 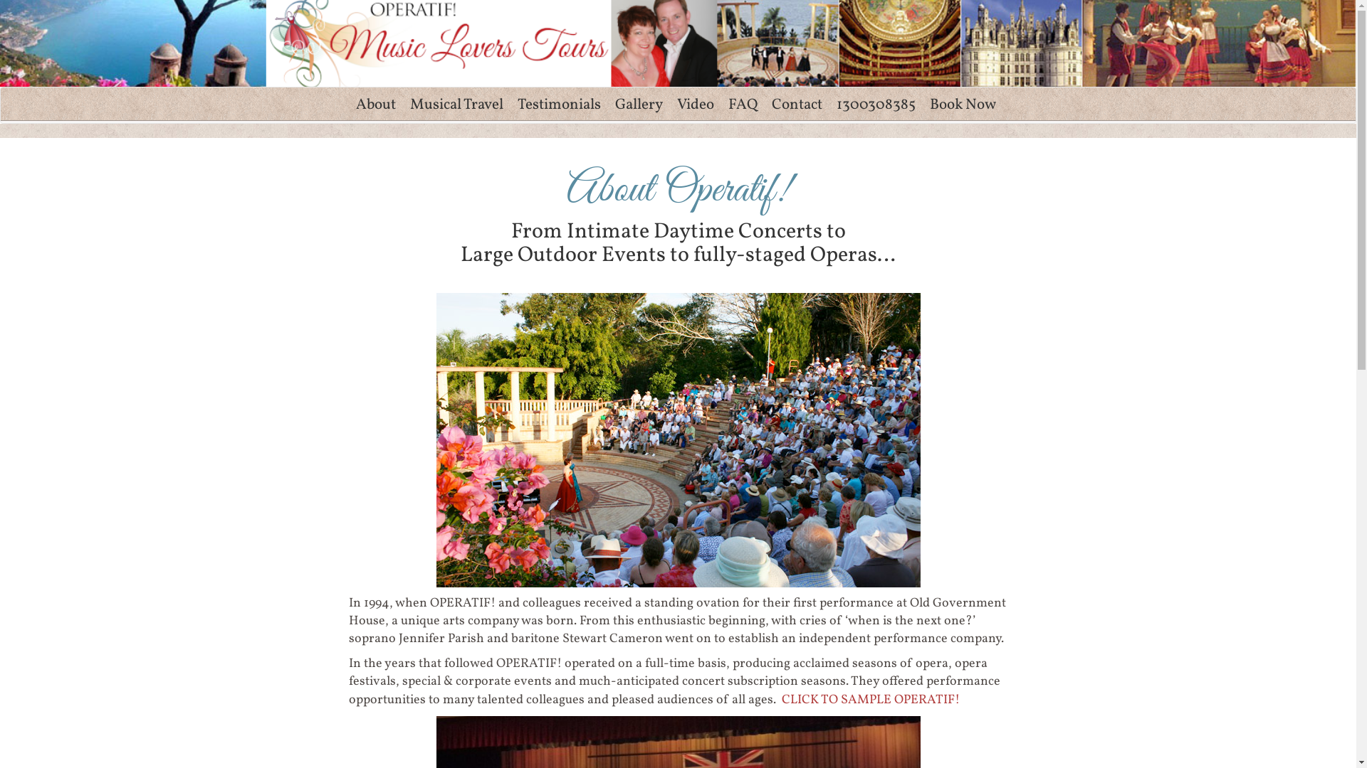 What do you see at coordinates (376, 104) in the screenshot?
I see `'About'` at bounding box center [376, 104].